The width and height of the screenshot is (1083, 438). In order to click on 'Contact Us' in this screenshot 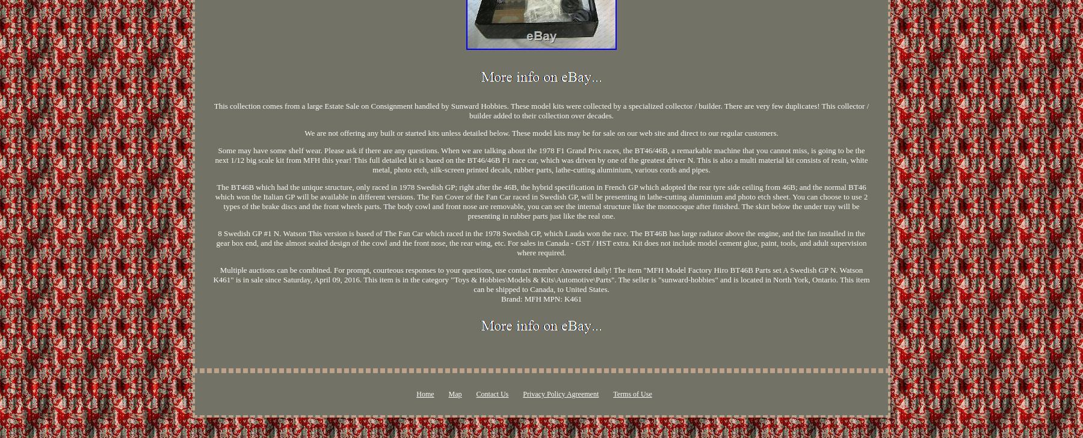, I will do `click(492, 394)`.